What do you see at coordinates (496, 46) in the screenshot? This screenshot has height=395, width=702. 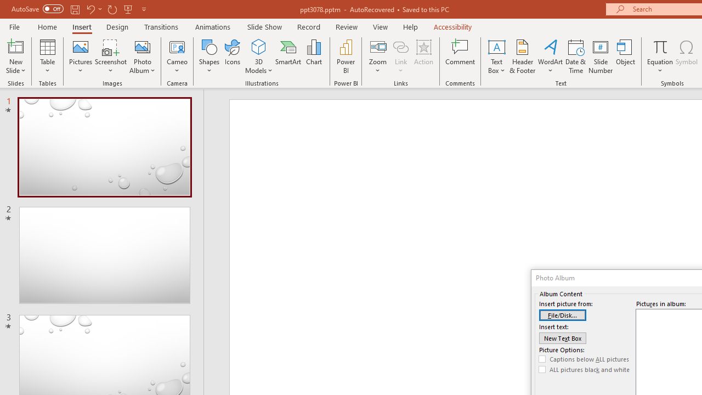 I see `'Draw Horizontal Text Box'` at bounding box center [496, 46].